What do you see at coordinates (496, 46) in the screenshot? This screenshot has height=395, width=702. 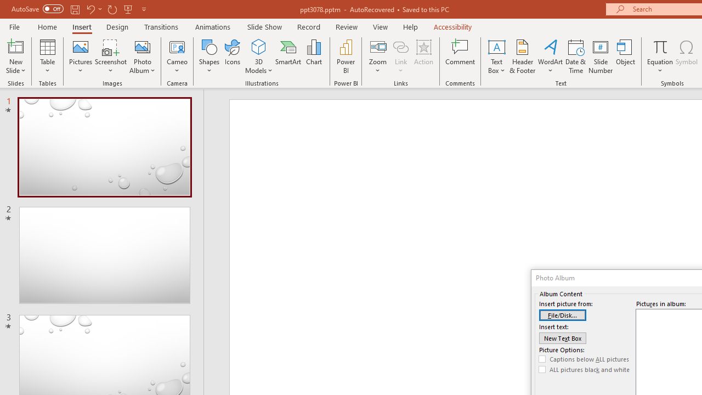 I see `'Draw Horizontal Text Box'` at bounding box center [496, 46].